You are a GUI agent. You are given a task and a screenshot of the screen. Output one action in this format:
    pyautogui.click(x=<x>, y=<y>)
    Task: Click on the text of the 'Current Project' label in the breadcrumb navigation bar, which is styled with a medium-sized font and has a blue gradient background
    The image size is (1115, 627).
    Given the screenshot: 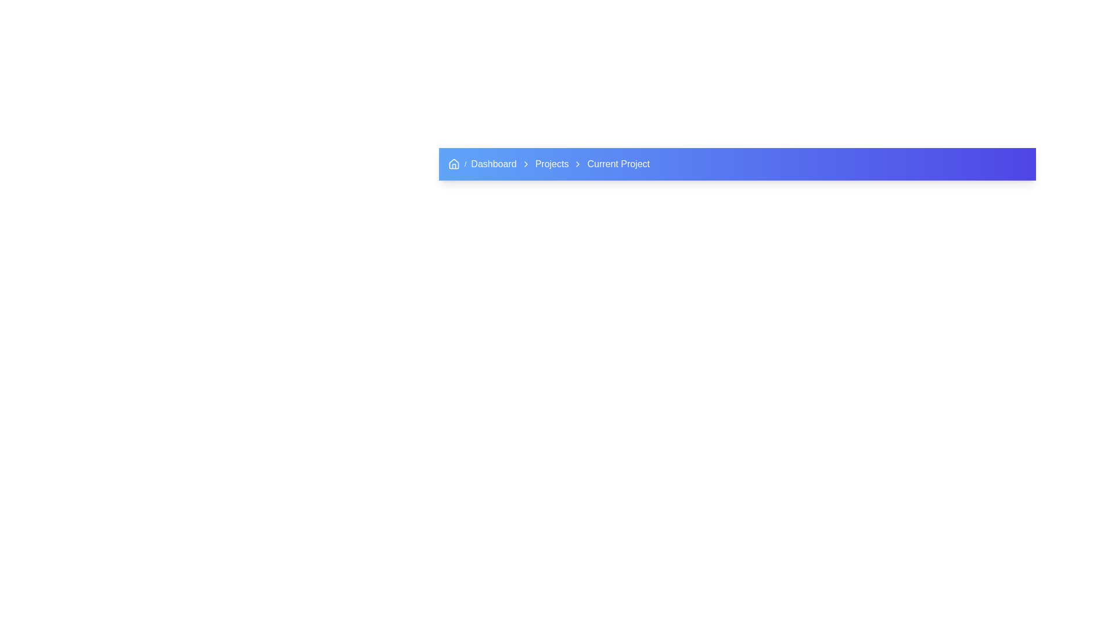 What is the action you would take?
    pyautogui.click(x=618, y=164)
    